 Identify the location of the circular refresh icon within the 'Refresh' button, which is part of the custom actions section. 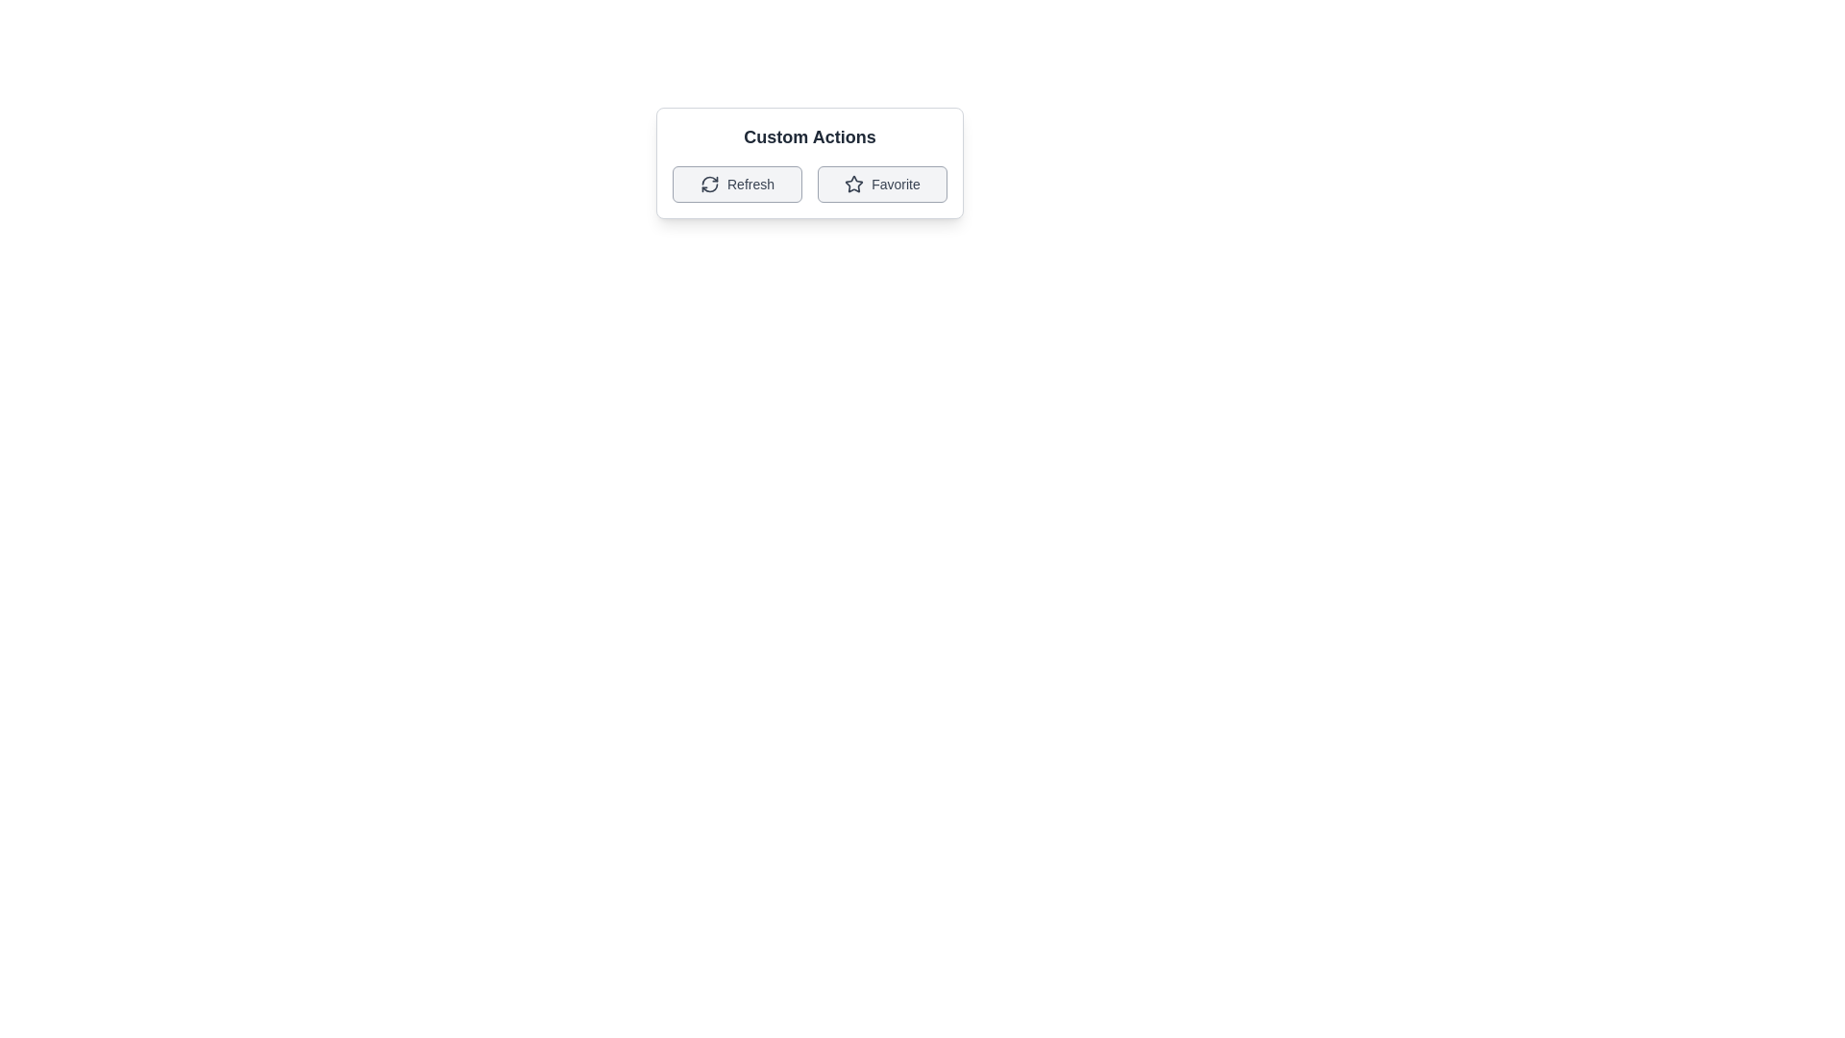
(709, 185).